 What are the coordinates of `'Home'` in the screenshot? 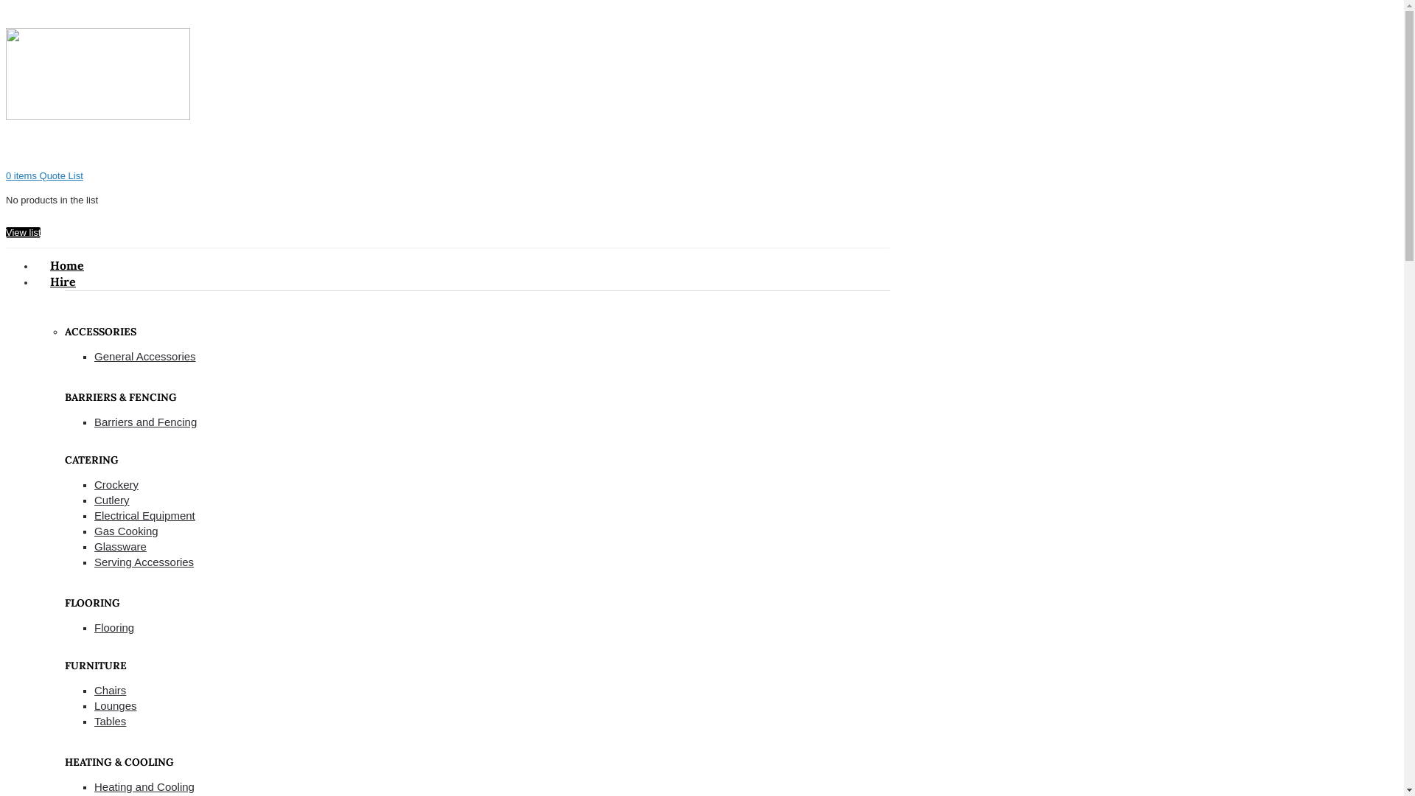 It's located at (66, 264).